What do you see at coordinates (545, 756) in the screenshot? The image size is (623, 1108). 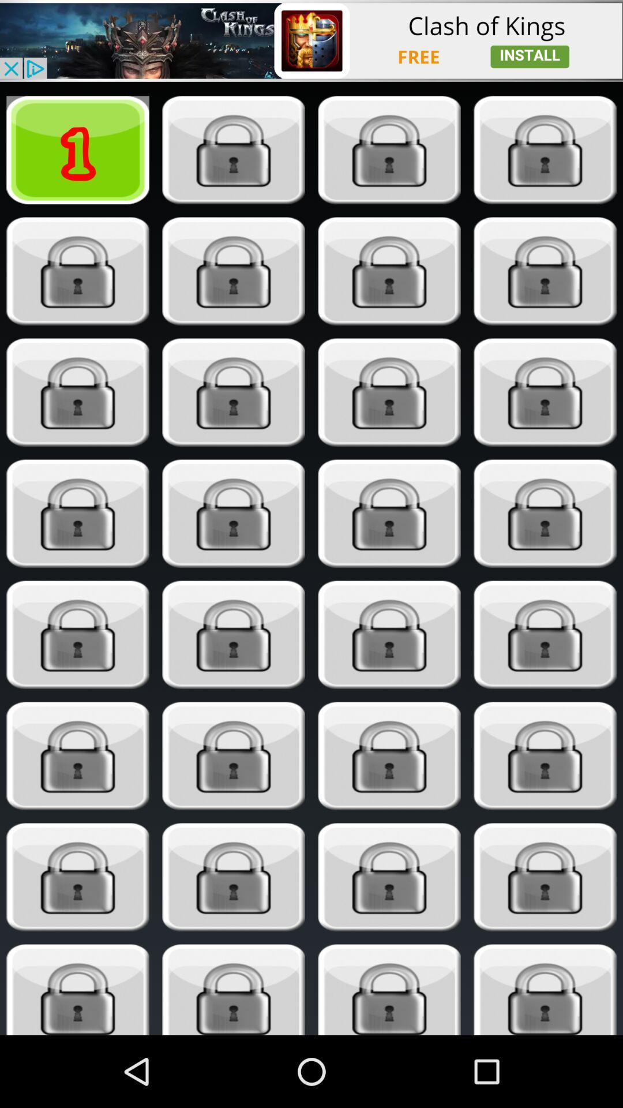 I see `lock` at bounding box center [545, 756].